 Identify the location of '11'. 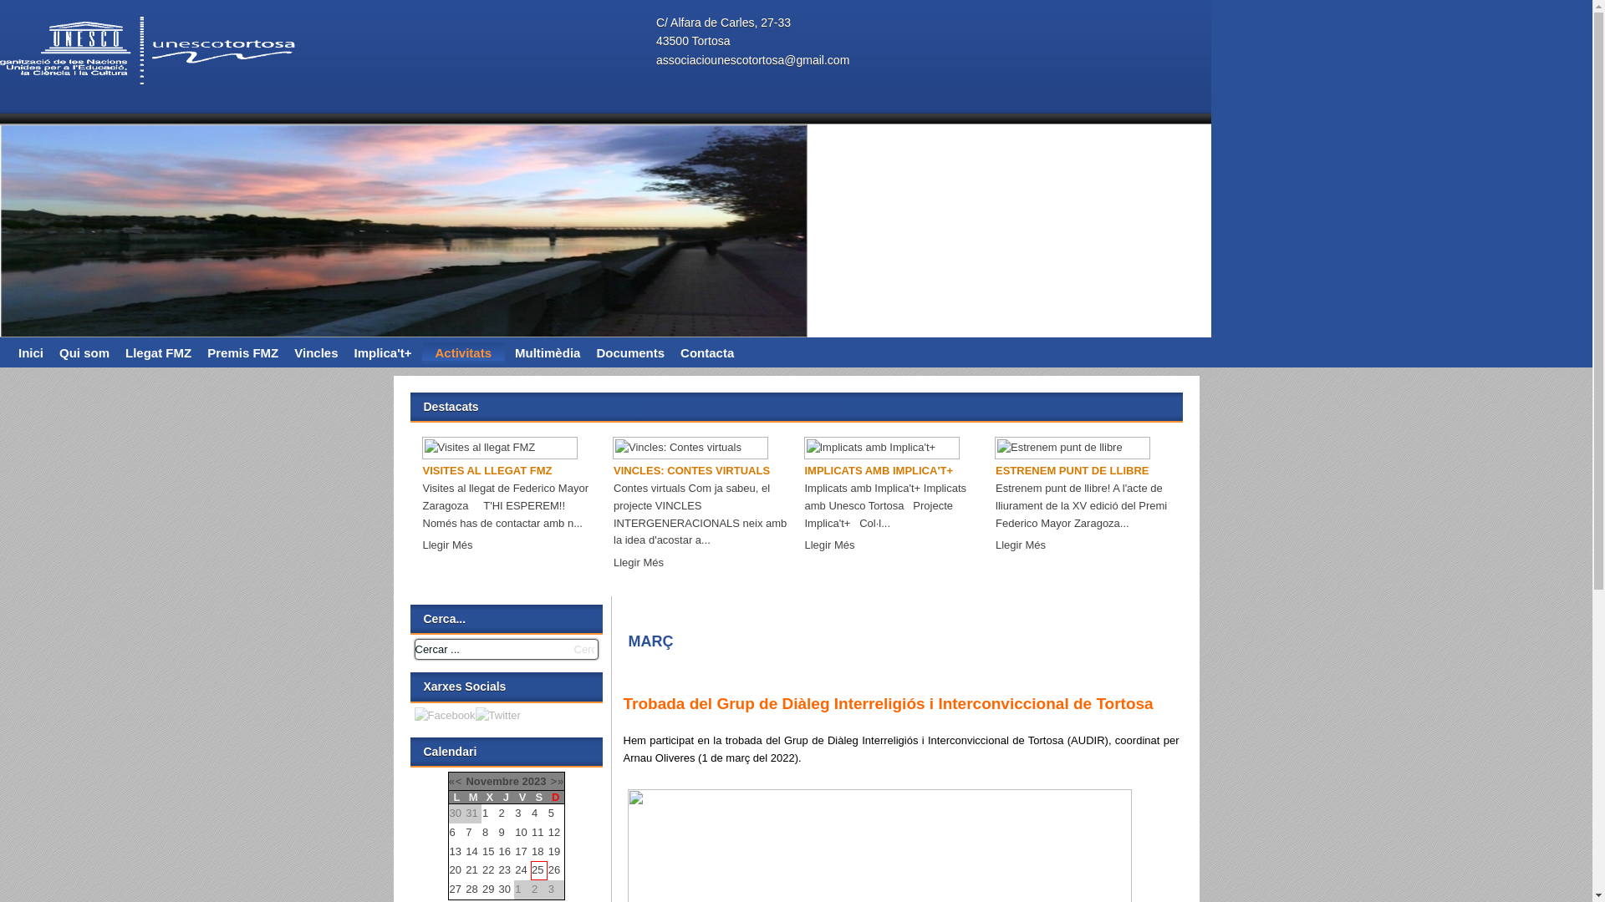
(538, 832).